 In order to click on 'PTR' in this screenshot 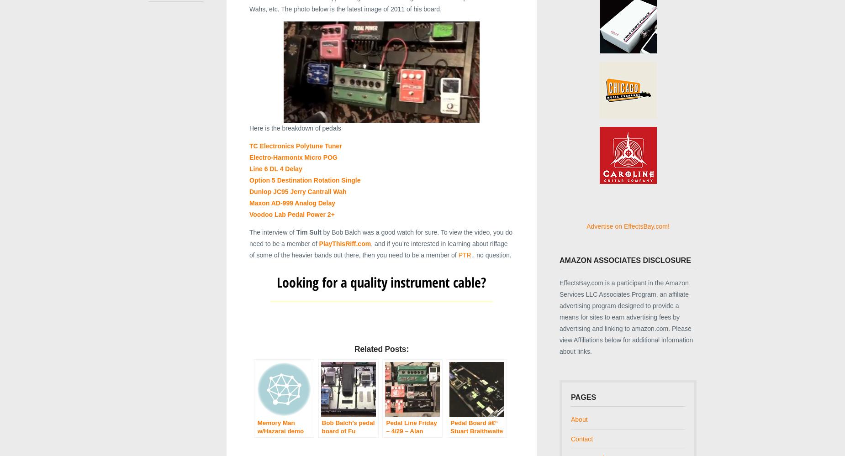, I will do `click(464, 255)`.